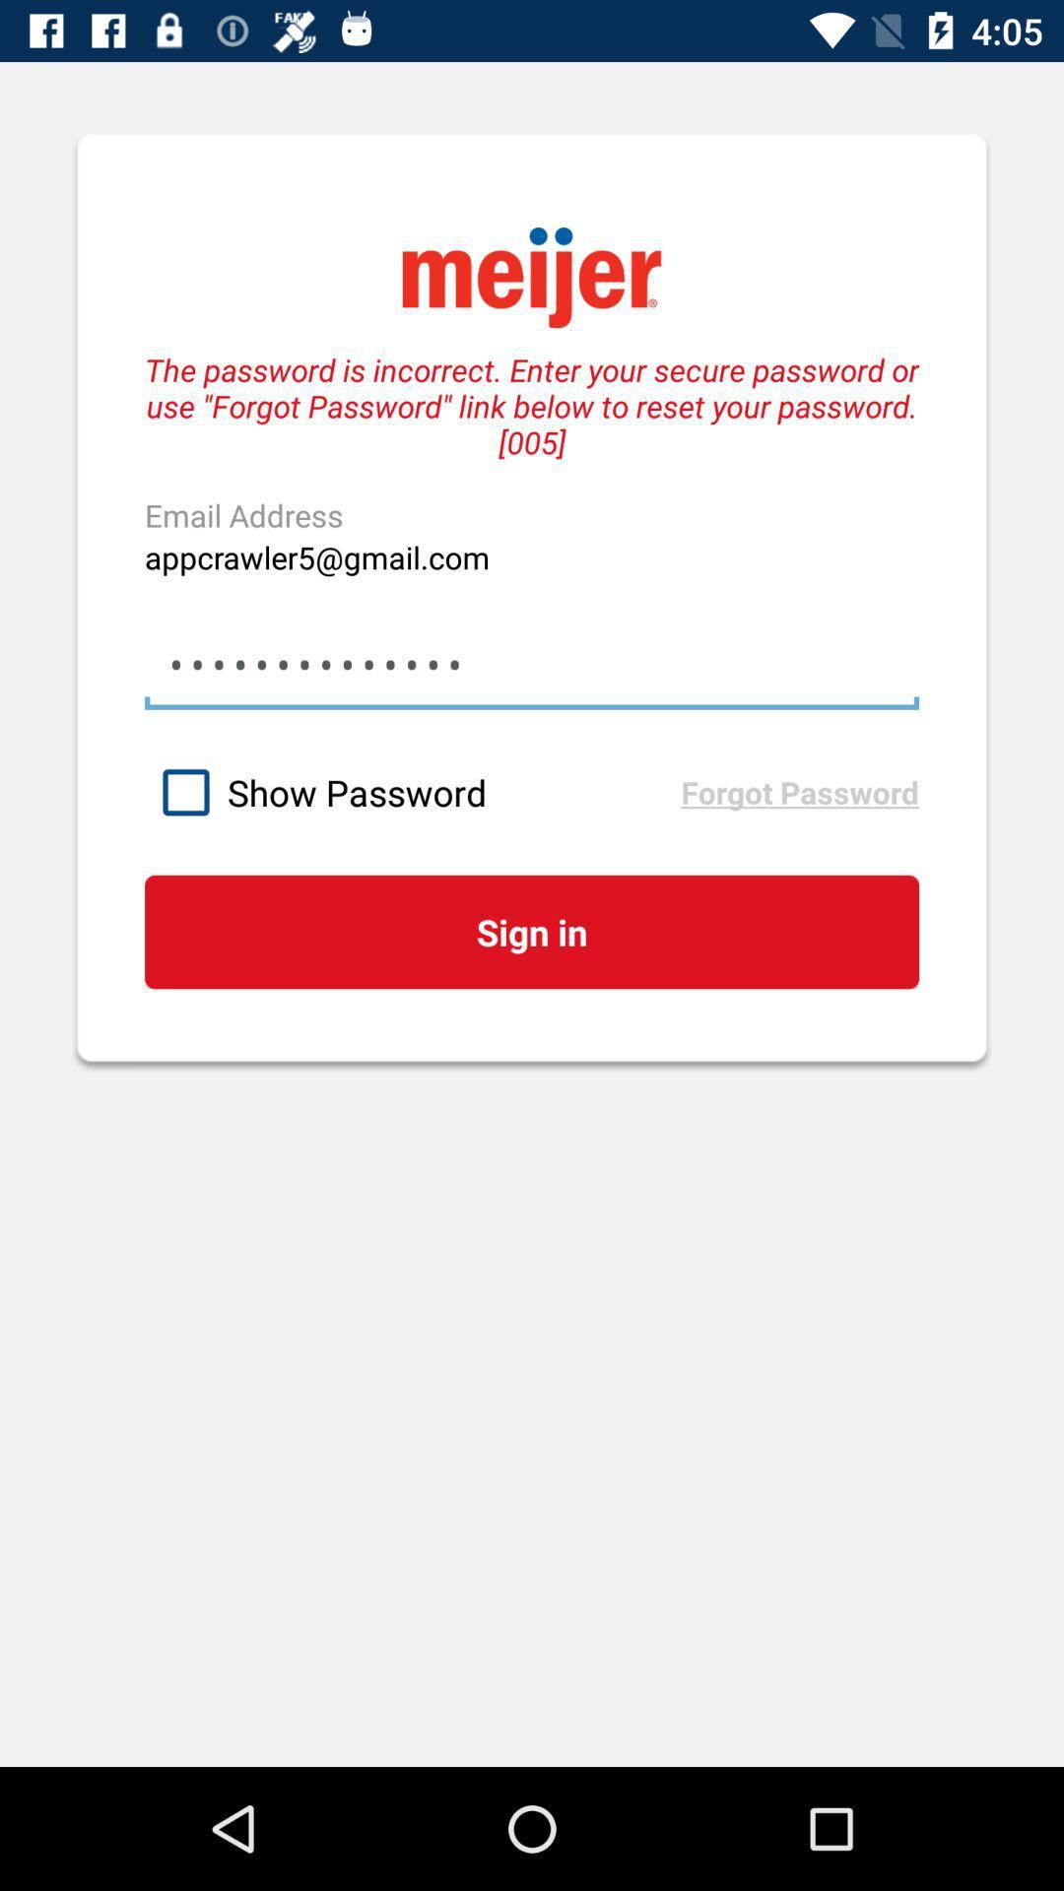 The width and height of the screenshot is (1064, 1891). I want to click on appcrawler3116 item, so click(532, 665).